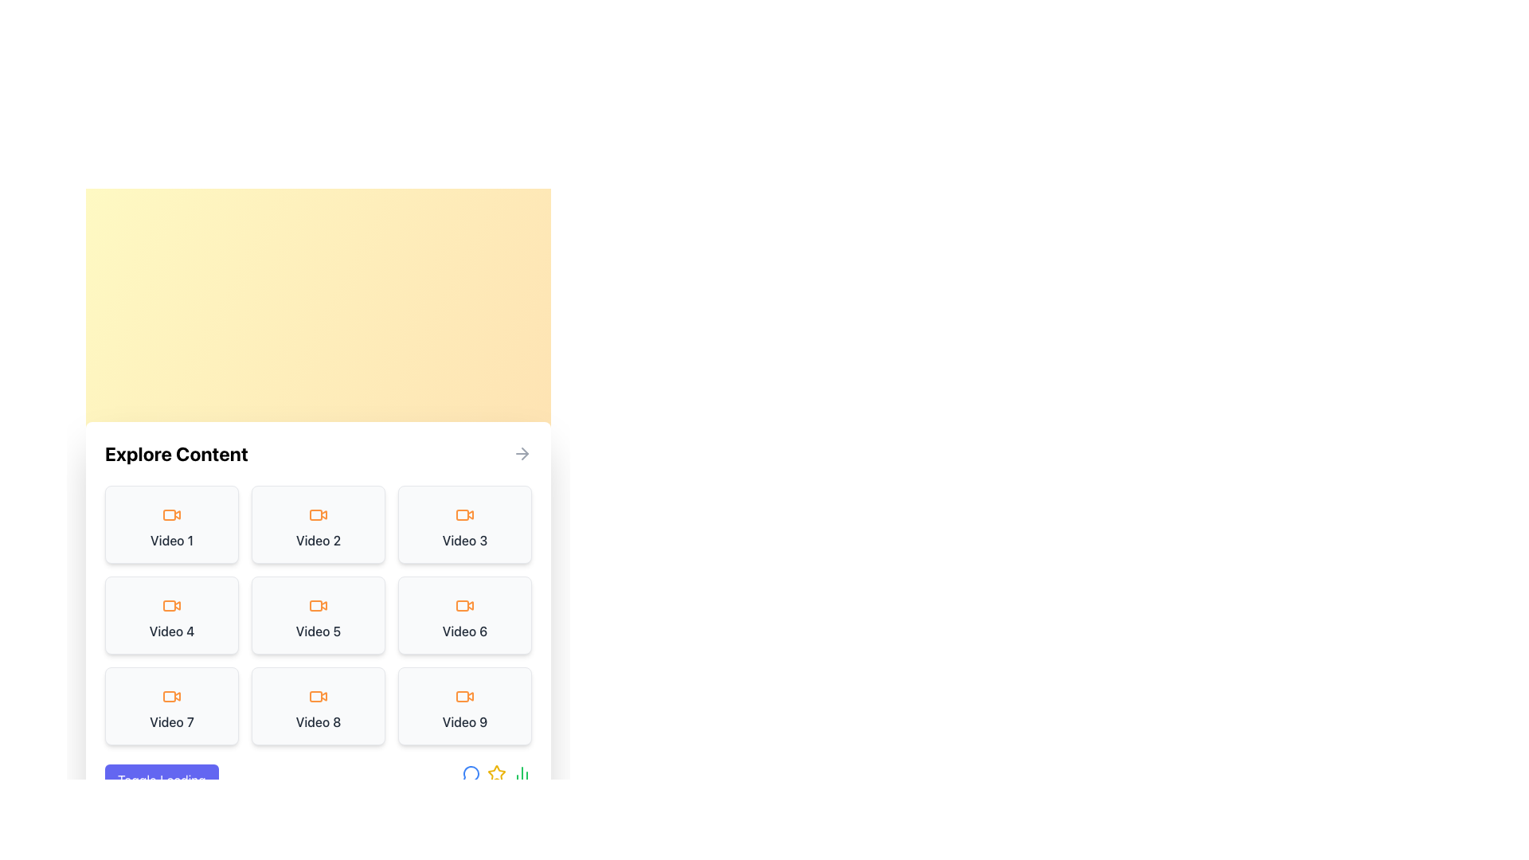 The image size is (1529, 860). What do you see at coordinates (464, 614) in the screenshot?
I see `the button labeled 'Video 6'` at bounding box center [464, 614].